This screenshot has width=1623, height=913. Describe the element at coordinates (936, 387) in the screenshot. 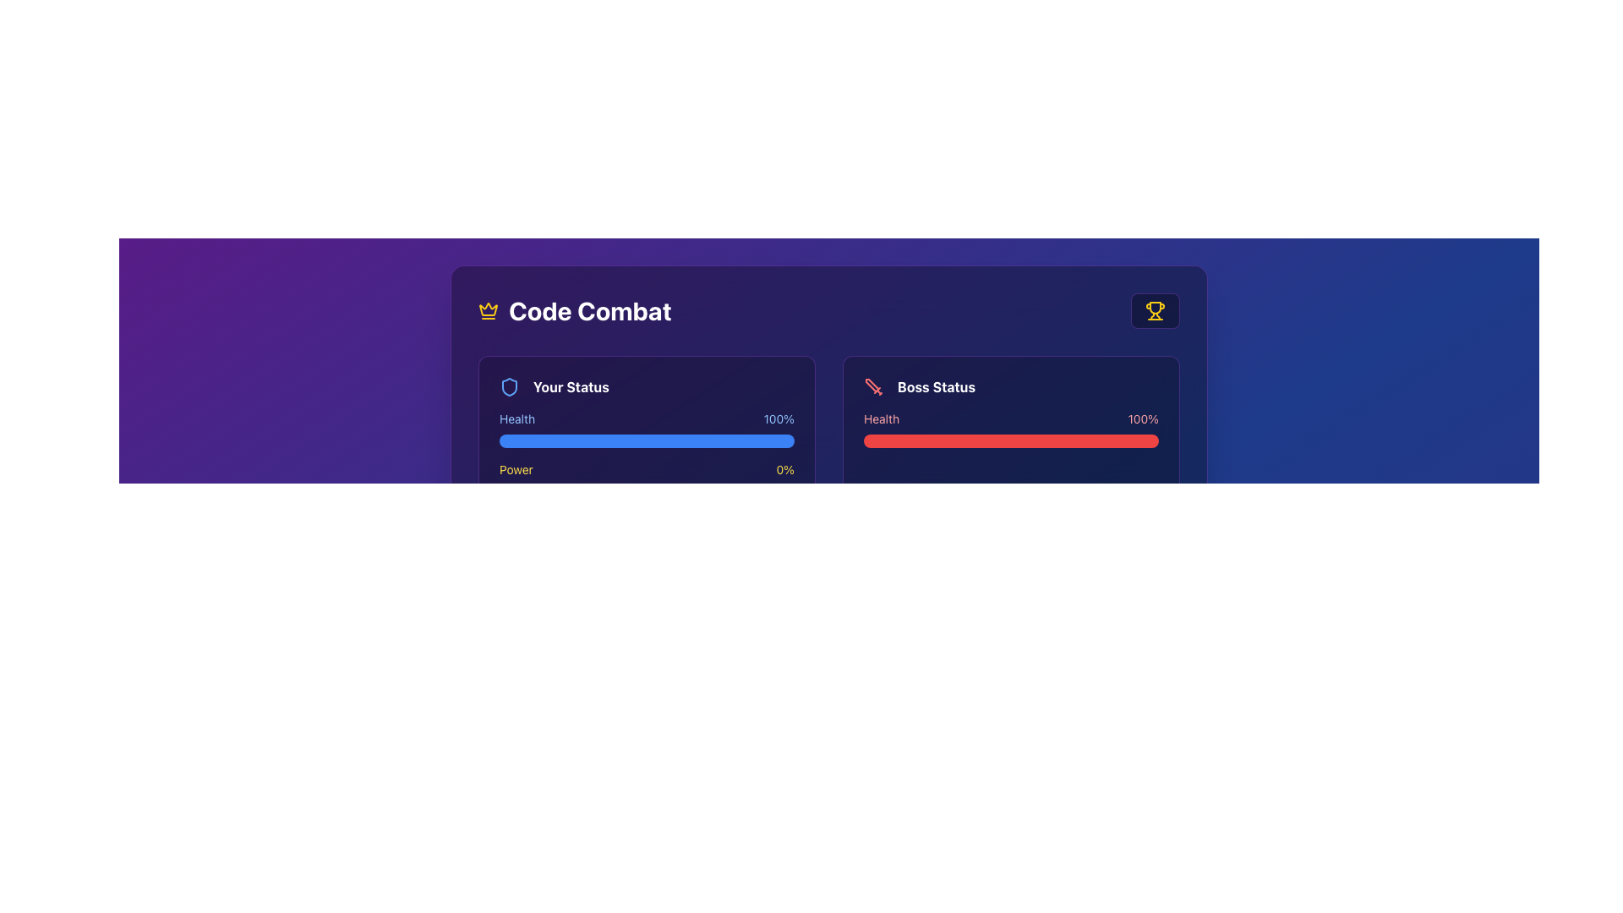

I see `the 'Boss Status' label element, which displays bold white text on a dark blue background and is located in the upper-right section of the interface` at that location.